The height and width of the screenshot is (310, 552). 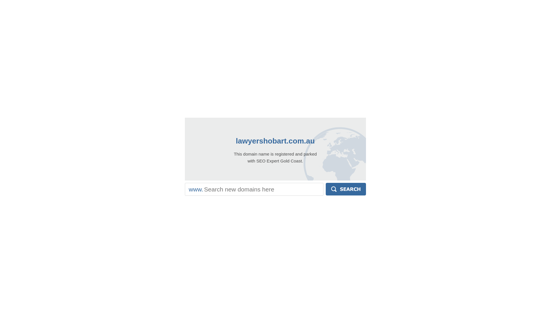 I want to click on 'Search', so click(x=346, y=189).